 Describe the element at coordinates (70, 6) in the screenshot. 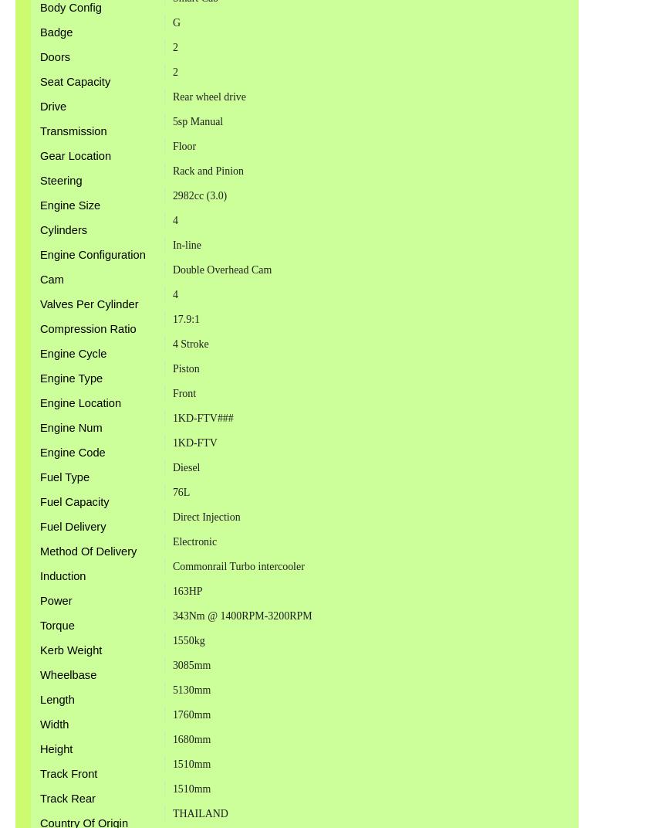

I see `'Body Config'` at that location.